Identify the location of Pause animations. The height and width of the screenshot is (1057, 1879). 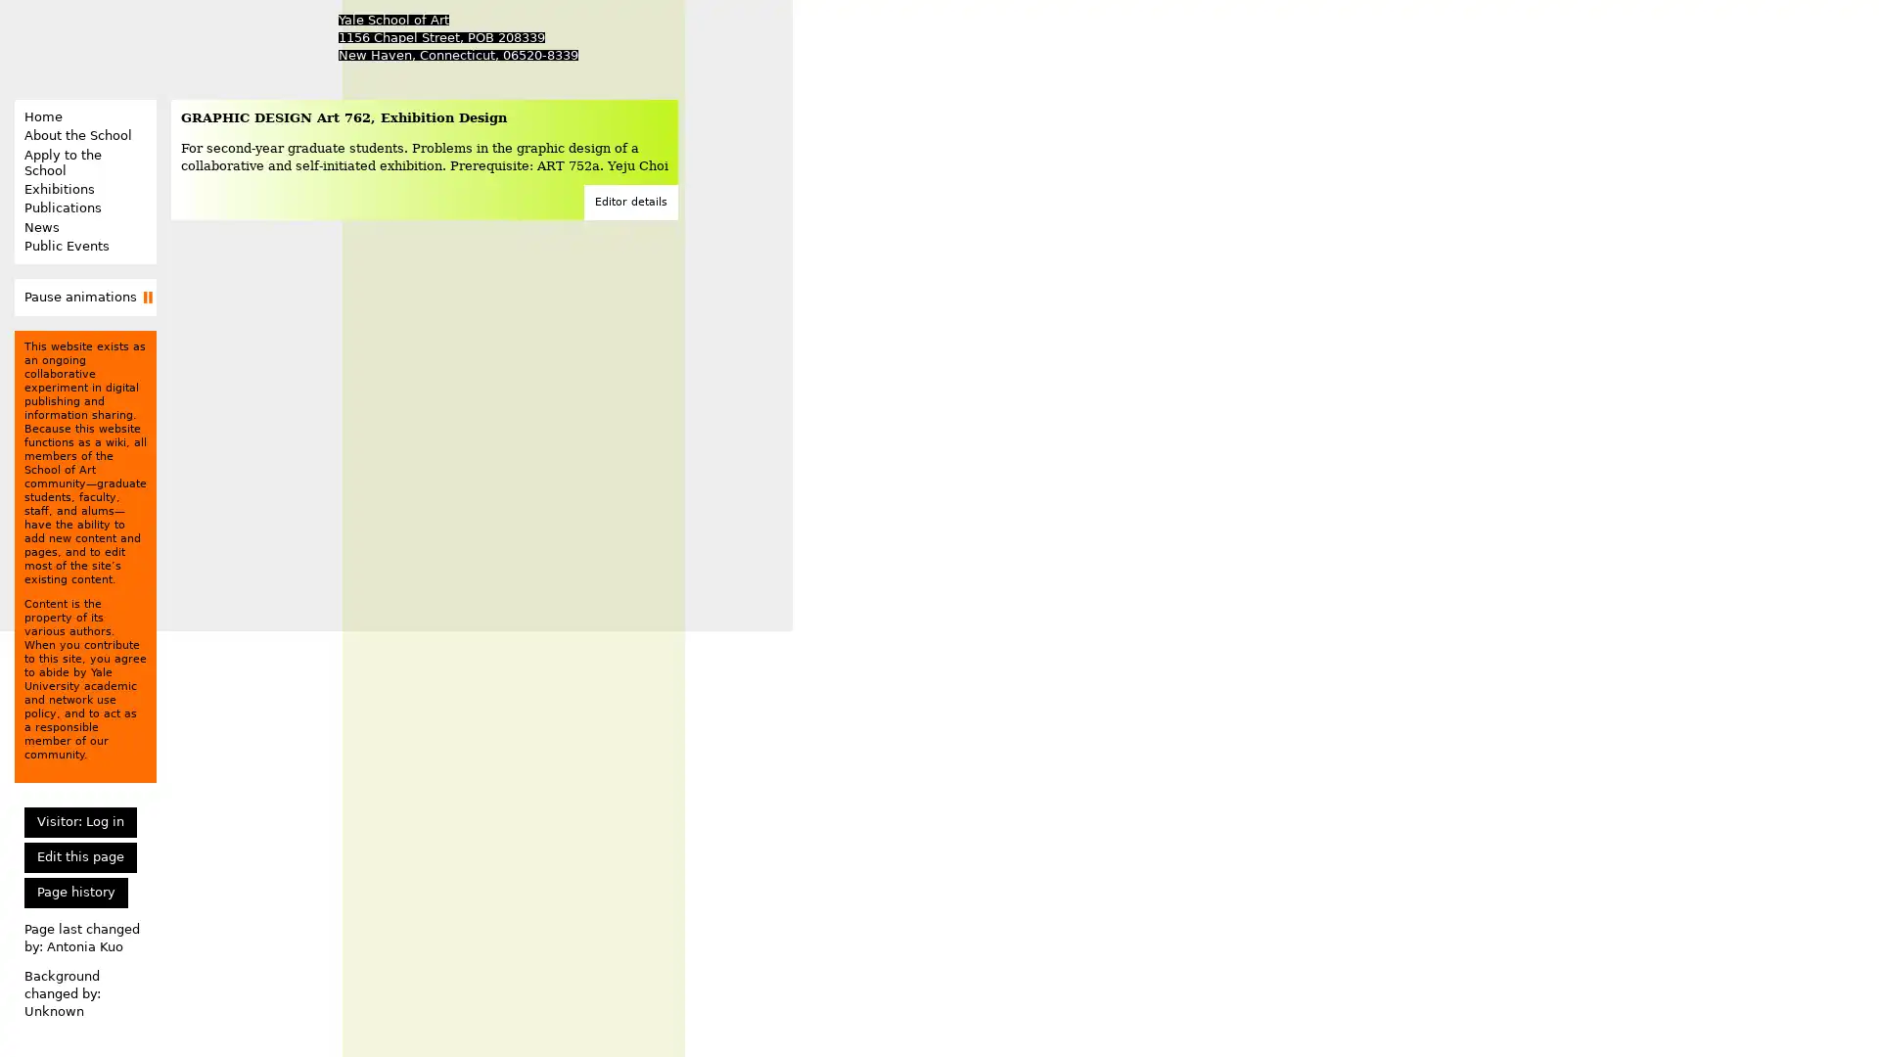
(84, 298).